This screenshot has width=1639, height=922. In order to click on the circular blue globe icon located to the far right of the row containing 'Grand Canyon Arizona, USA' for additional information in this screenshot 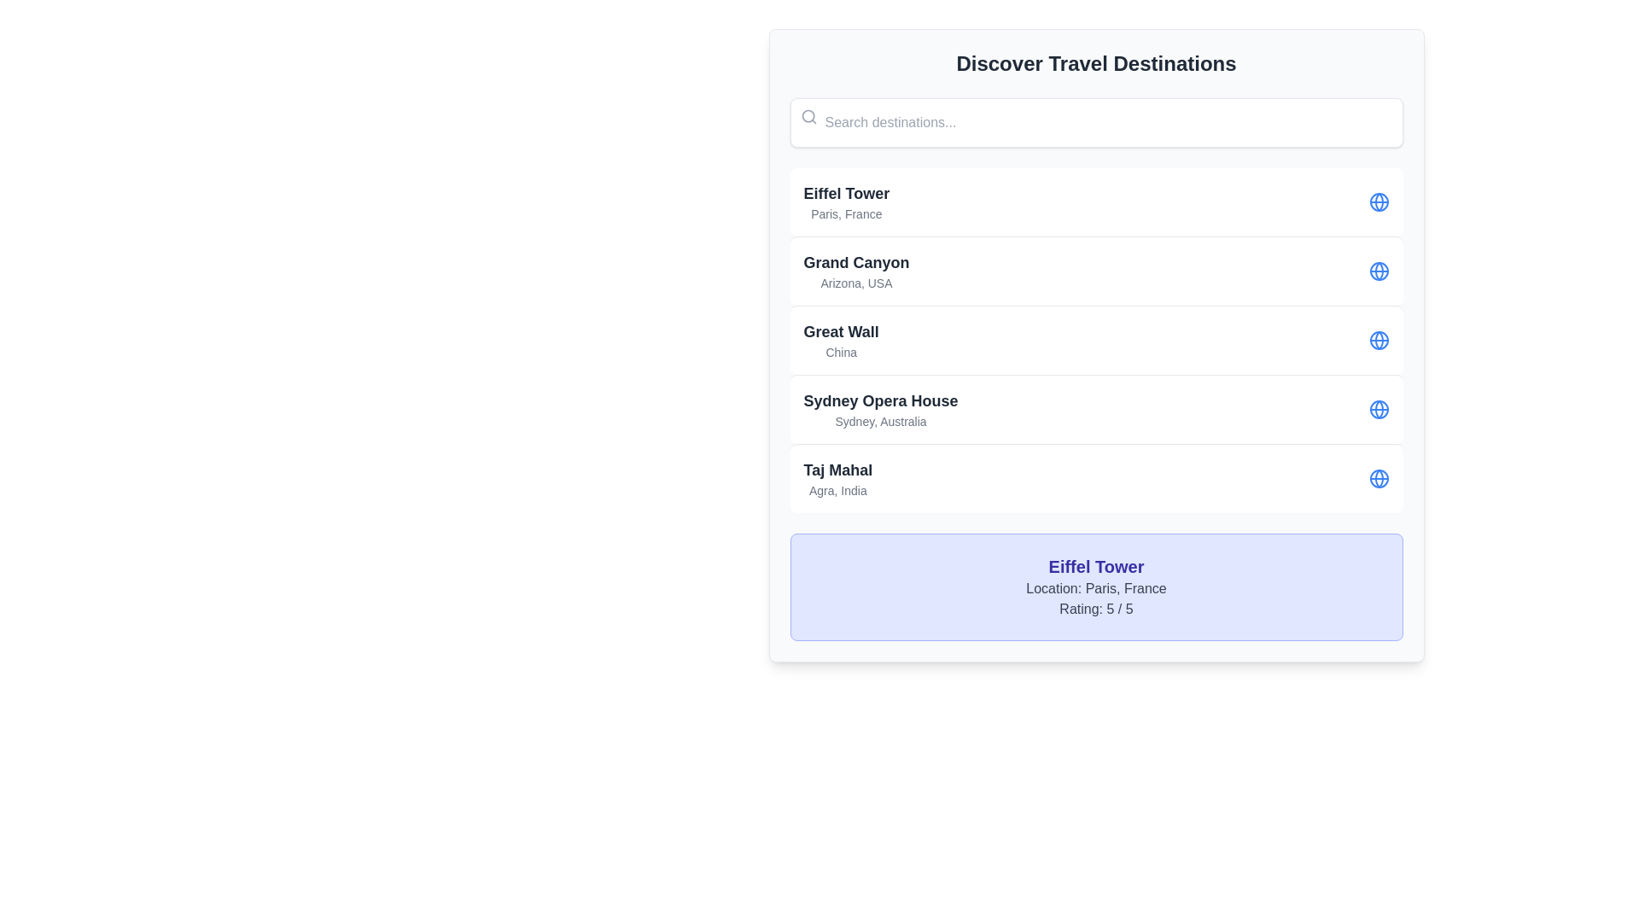, I will do `click(1379, 270)`.